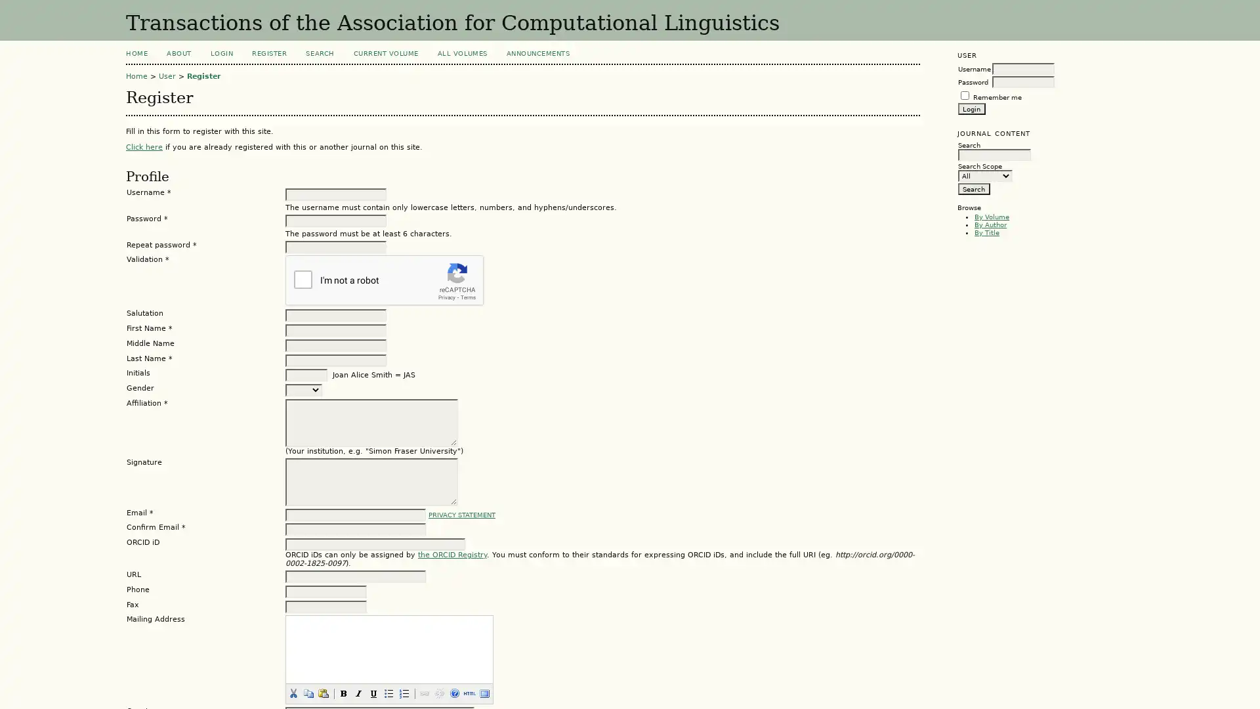 Image resolution: width=1260 pixels, height=709 pixels. What do you see at coordinates (343, 693) in the screenshot?
I see `Bold (Ctrl+B)` at bounding box center [343, 693].